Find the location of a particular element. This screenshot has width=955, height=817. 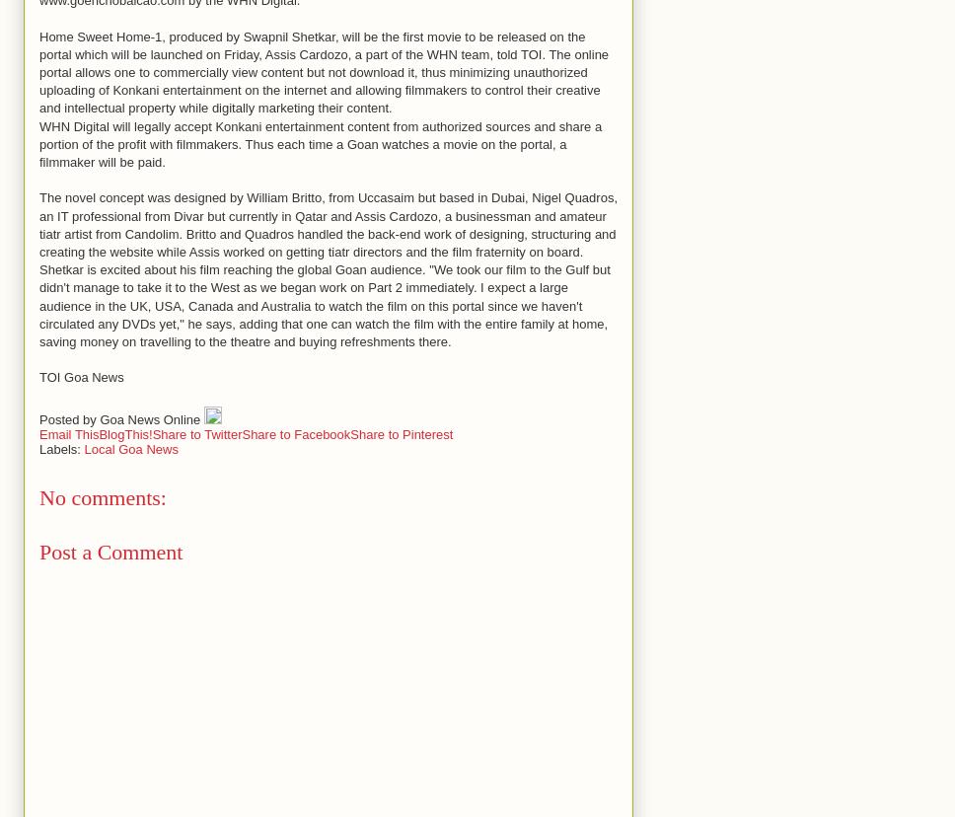

'Share to Pinterest' is located at coordinates (402, 433).